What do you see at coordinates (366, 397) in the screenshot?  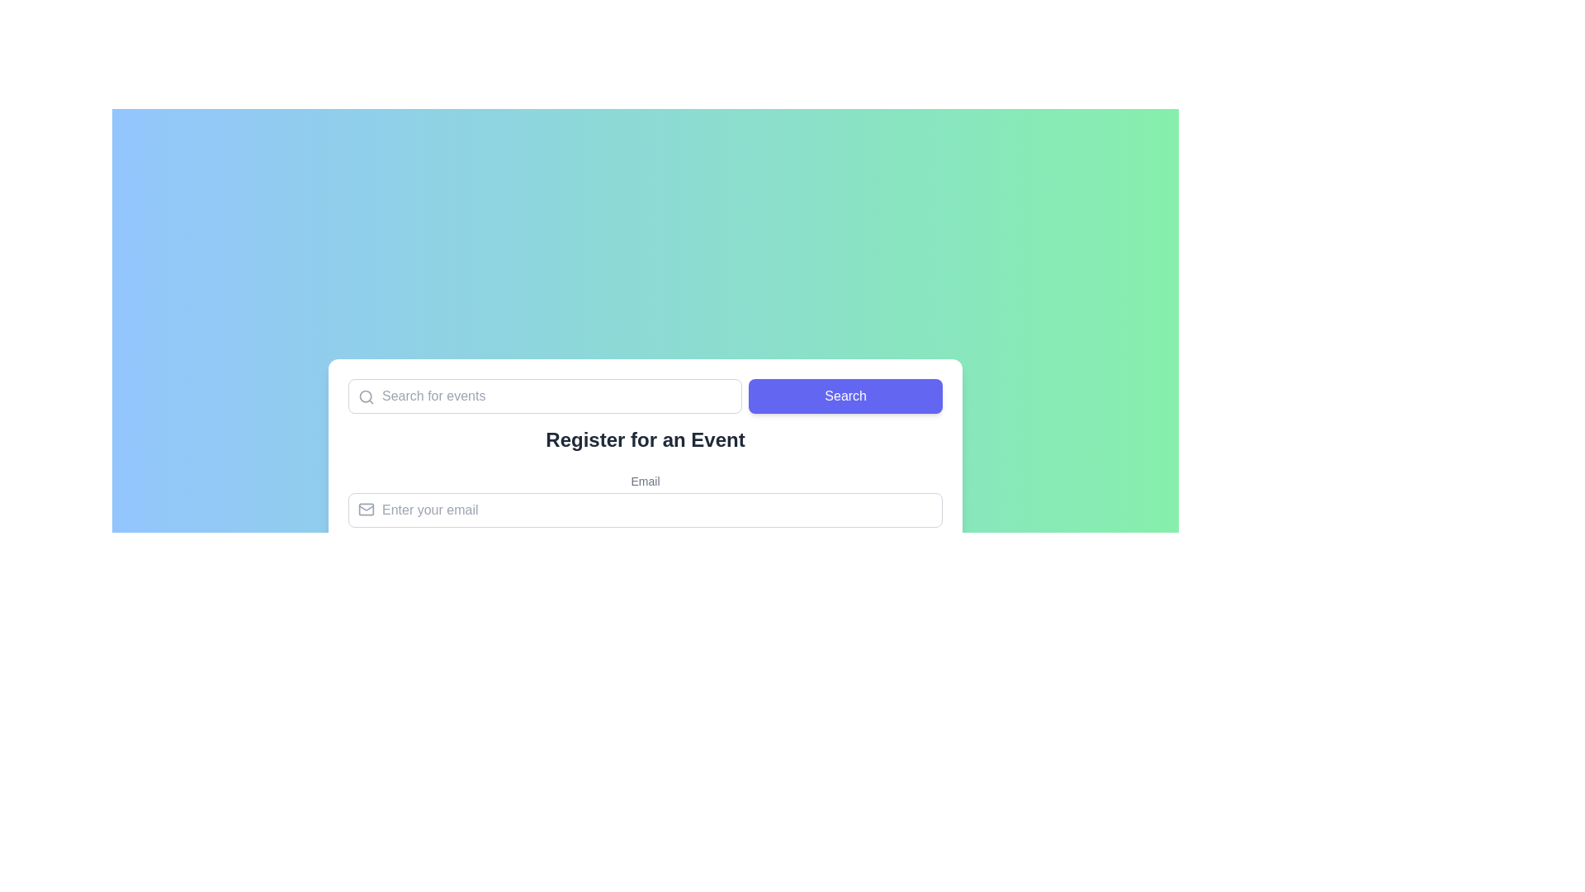 I see `the magnifying glass icon located inside the search input field, which overlaps with the placeholder text 'Search for events.'` at bounding box center [366, 397].